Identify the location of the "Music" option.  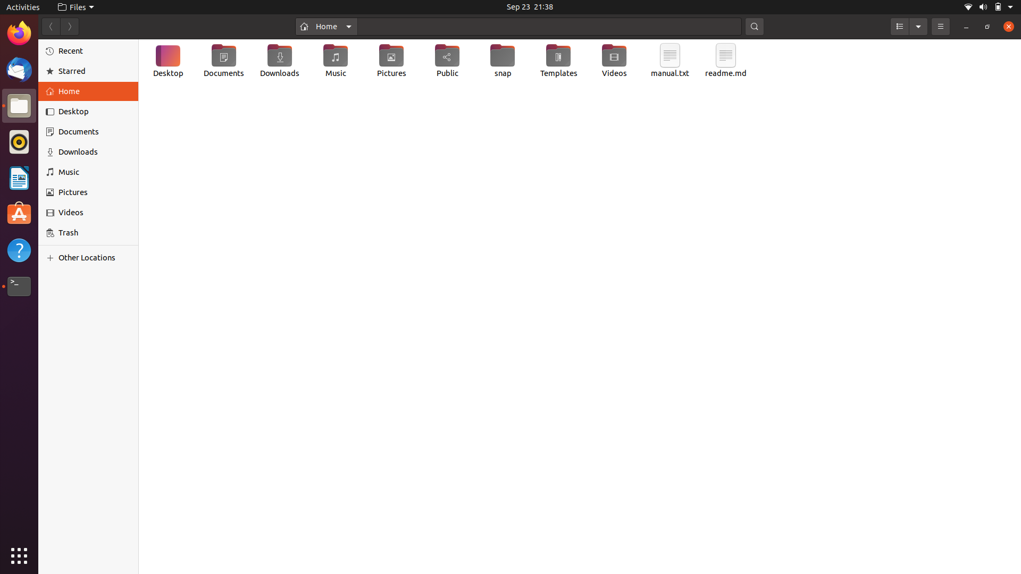
(90, 172).